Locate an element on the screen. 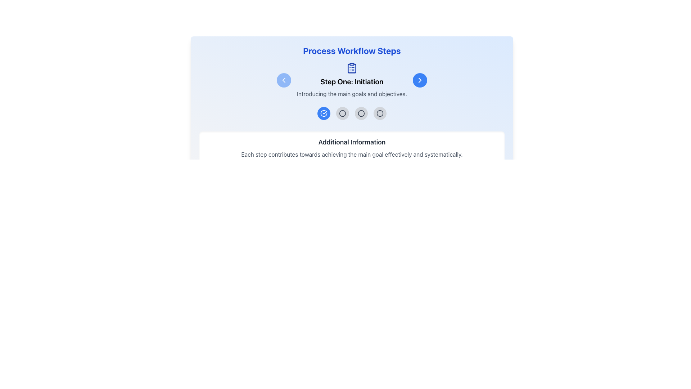  text content of the informational block that displays step one in the workflow process, located centrally above the circular selectors and between the navigation arrows is located at coordinates (352, 80).